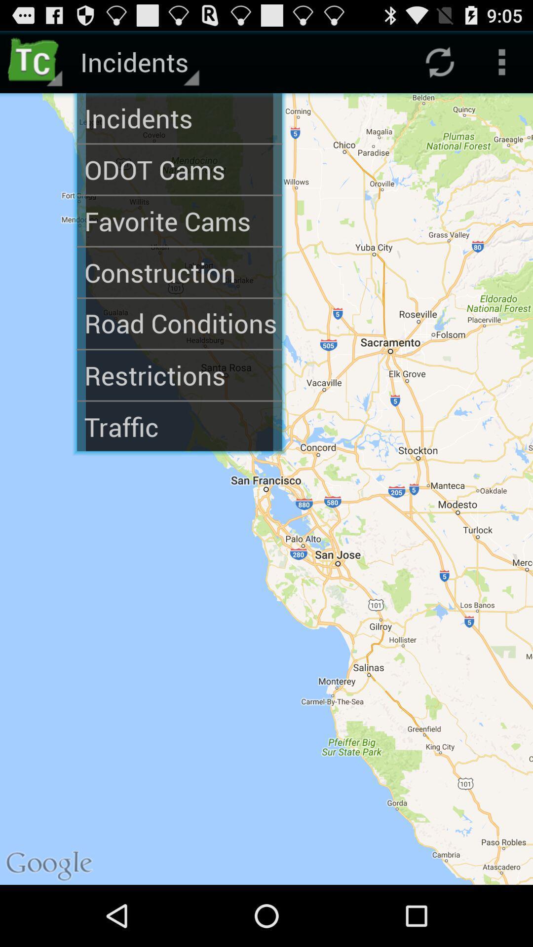 Image resolution: width=533 pixels, height=947 pixels. What do you see at coordinates (36, 61) in the screenshot?
I see `the icon to the left of the incidents app` at bounding box center [36, 61].